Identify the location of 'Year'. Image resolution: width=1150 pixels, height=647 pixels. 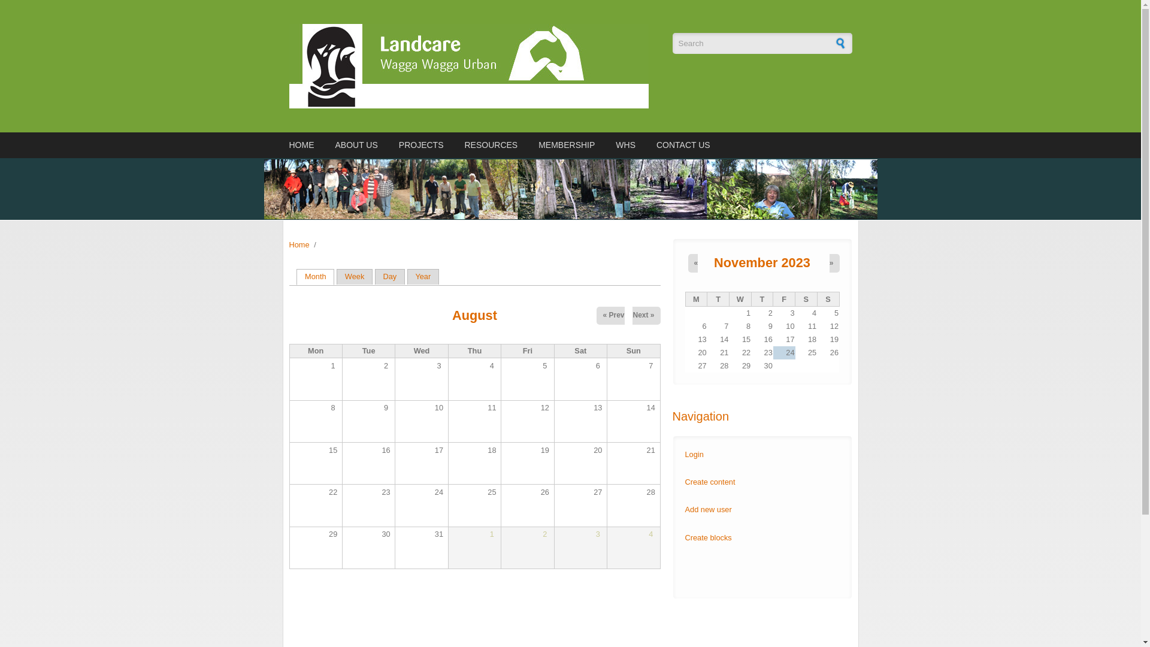
(423, 277).